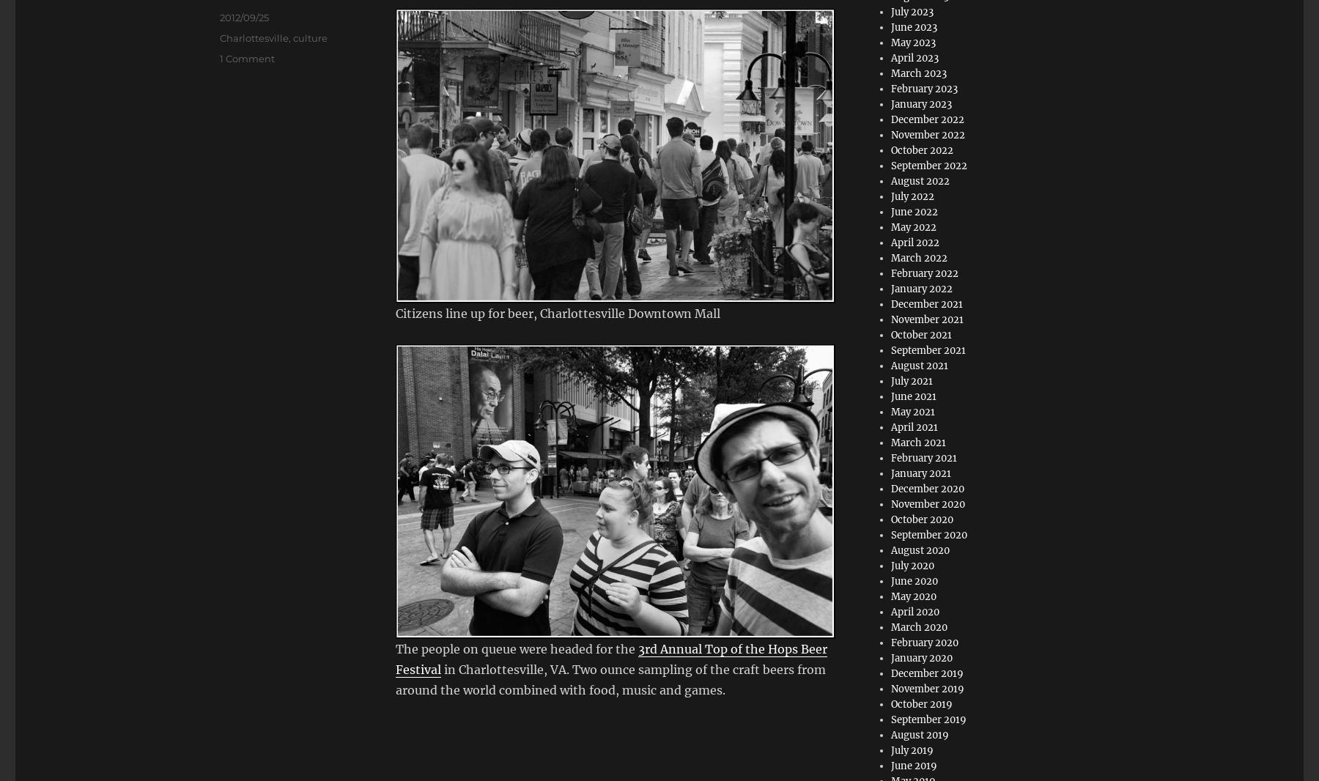 This screenshot has width=1319, height=781. Describe the element at coordinates (922, 149) in the screenshot. I see `'October 2022'` at that location.